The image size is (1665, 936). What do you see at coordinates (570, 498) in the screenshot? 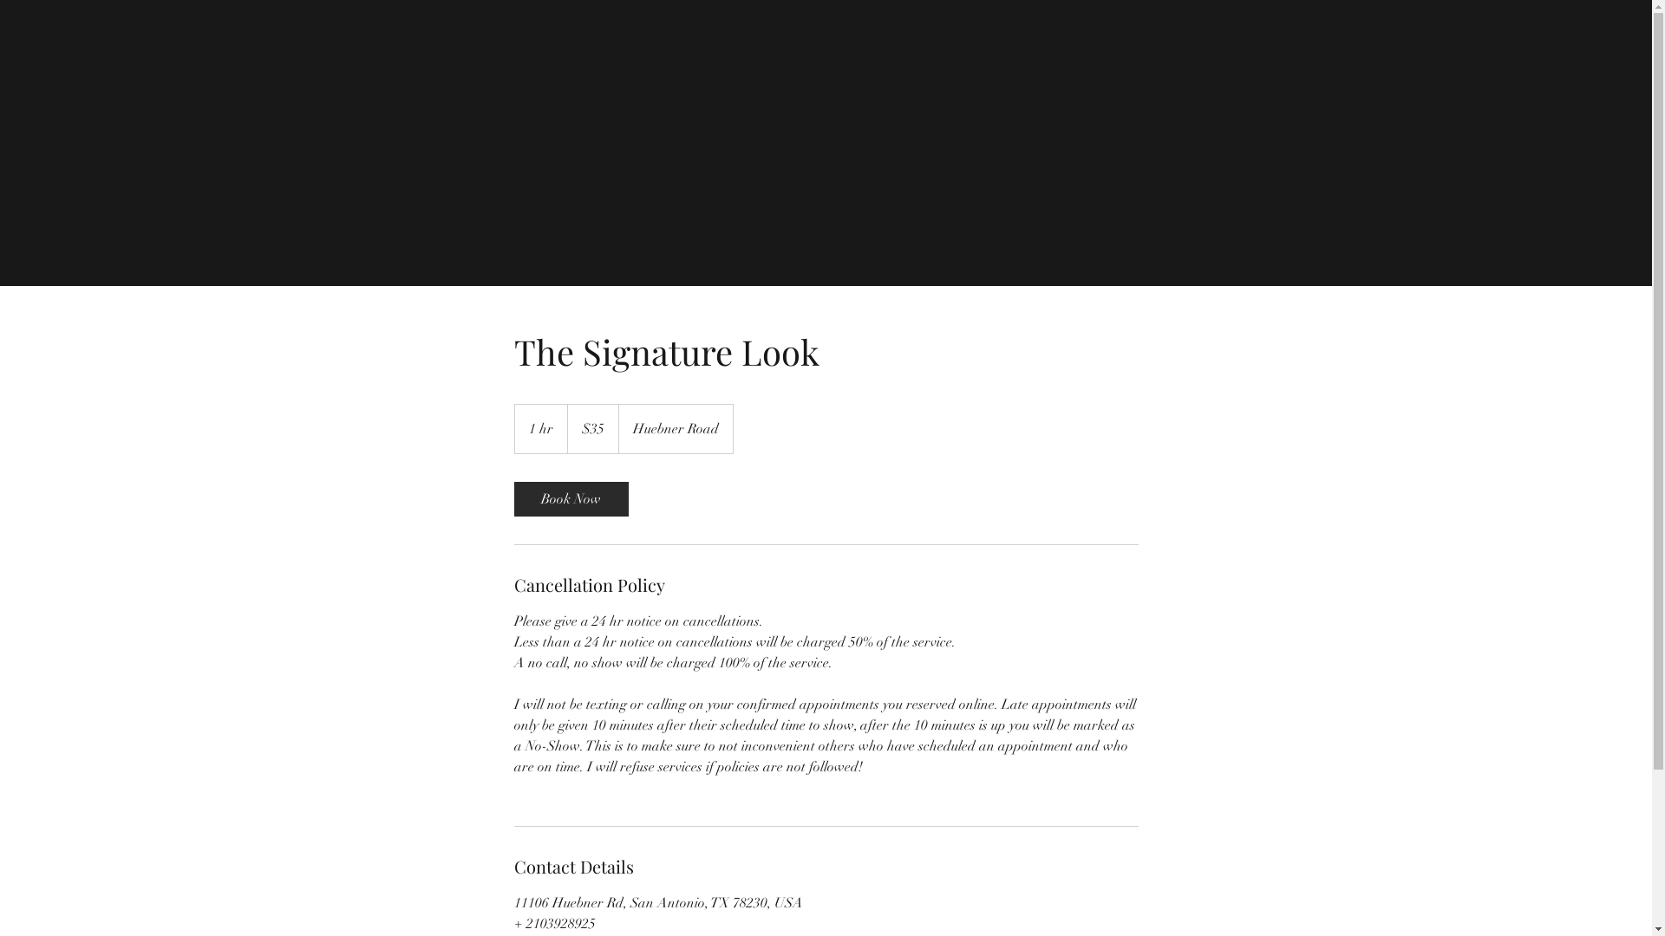
I see `'Book Now'` at bounding box center [570, 498].